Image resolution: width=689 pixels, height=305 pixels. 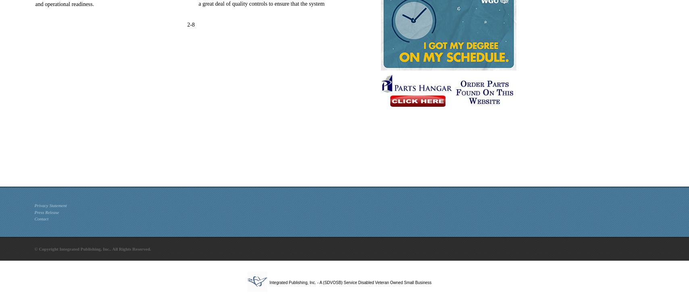 What do you see at coordinates (258, 3) in the screenshot?
I see `'controls'` at bounding box center [258, 3].